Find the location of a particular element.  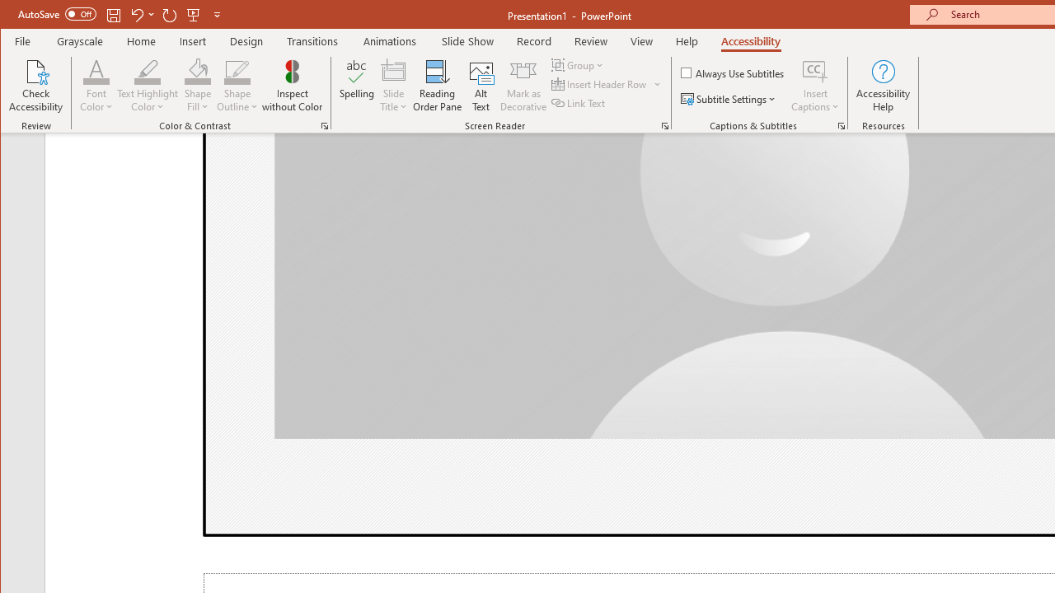

'Always Use Subtitles' is located at coordinates (733, 72).